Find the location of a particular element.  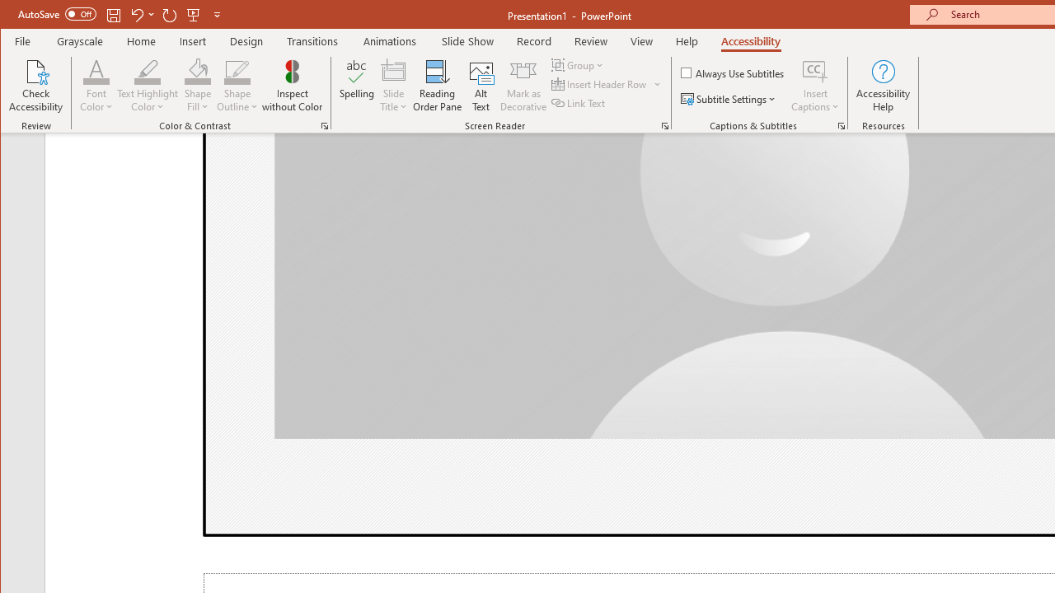

'Always Use Subtitles' is located at coordinates (733, 72).